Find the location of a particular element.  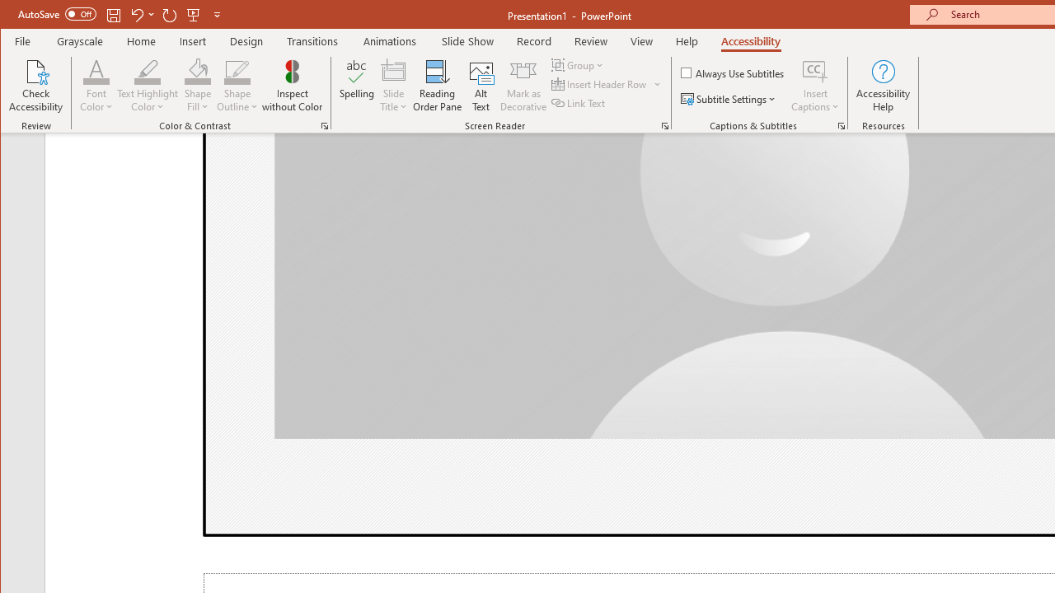

'Always Use Subtitles' is located at coordinates (733, 72).